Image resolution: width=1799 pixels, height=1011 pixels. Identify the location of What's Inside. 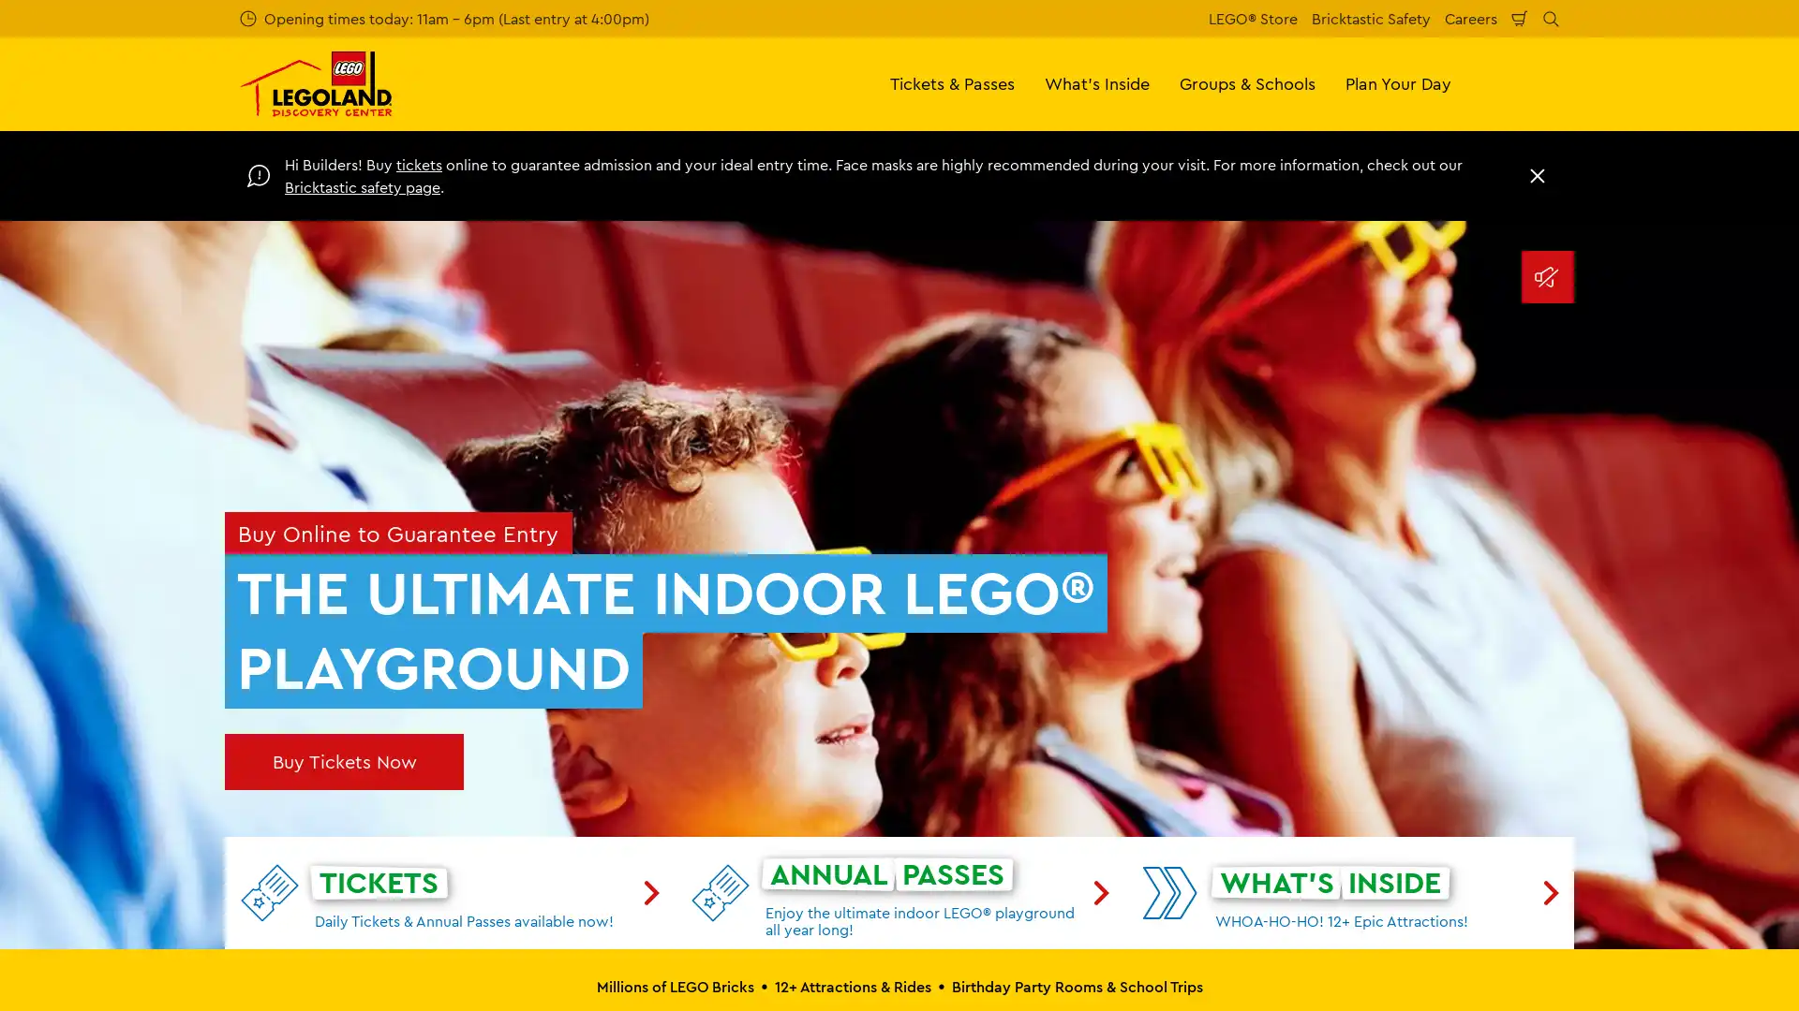
(1097, 82).